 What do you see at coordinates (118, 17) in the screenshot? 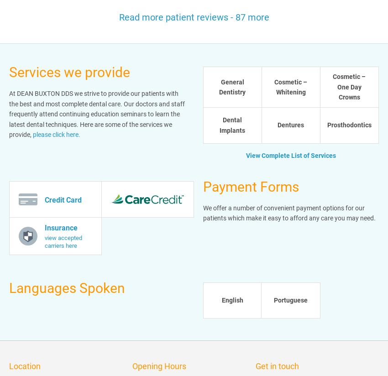
I see `'Read more patient reviews - 87 more'` at bounding box center [118, 17].